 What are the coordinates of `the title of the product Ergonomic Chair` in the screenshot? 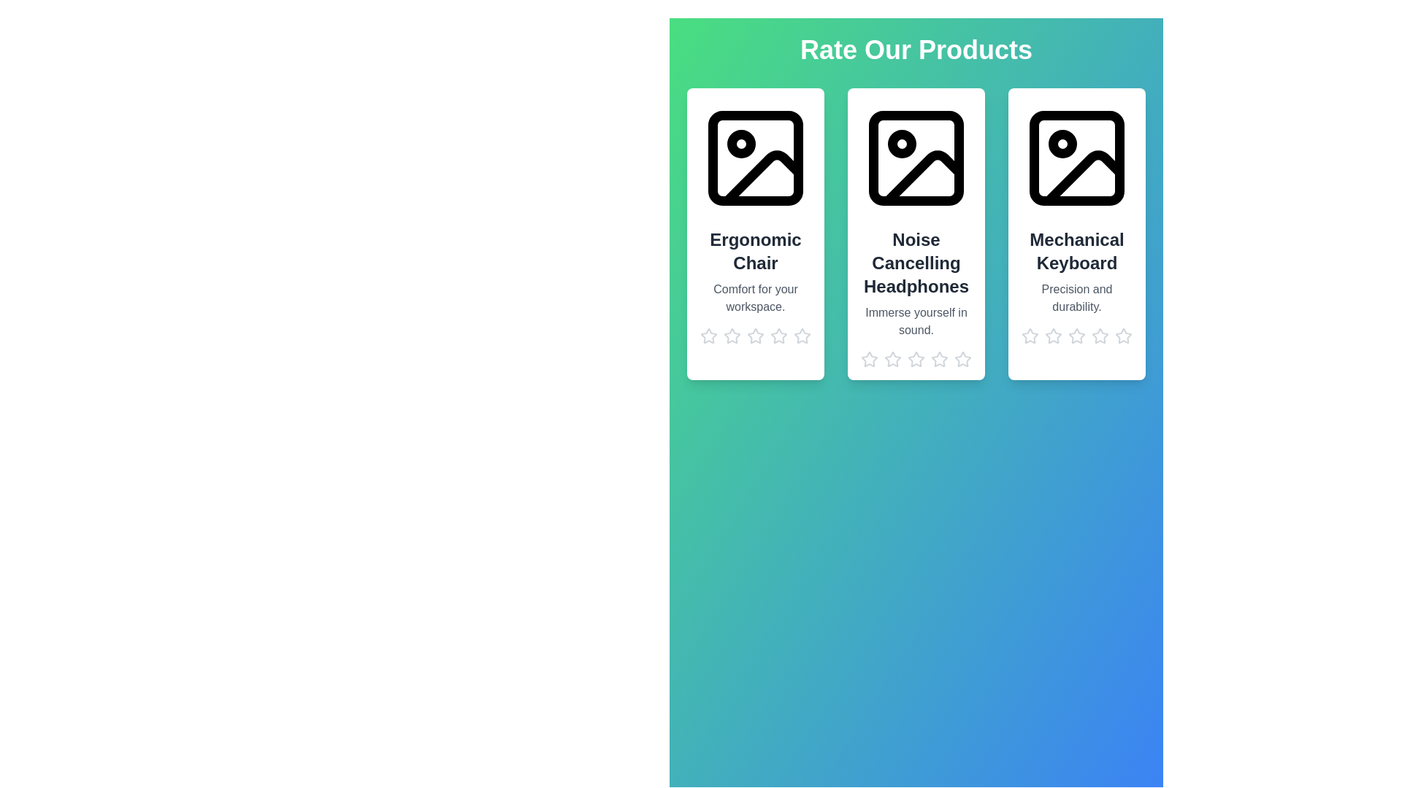 It's located at (756, 250).